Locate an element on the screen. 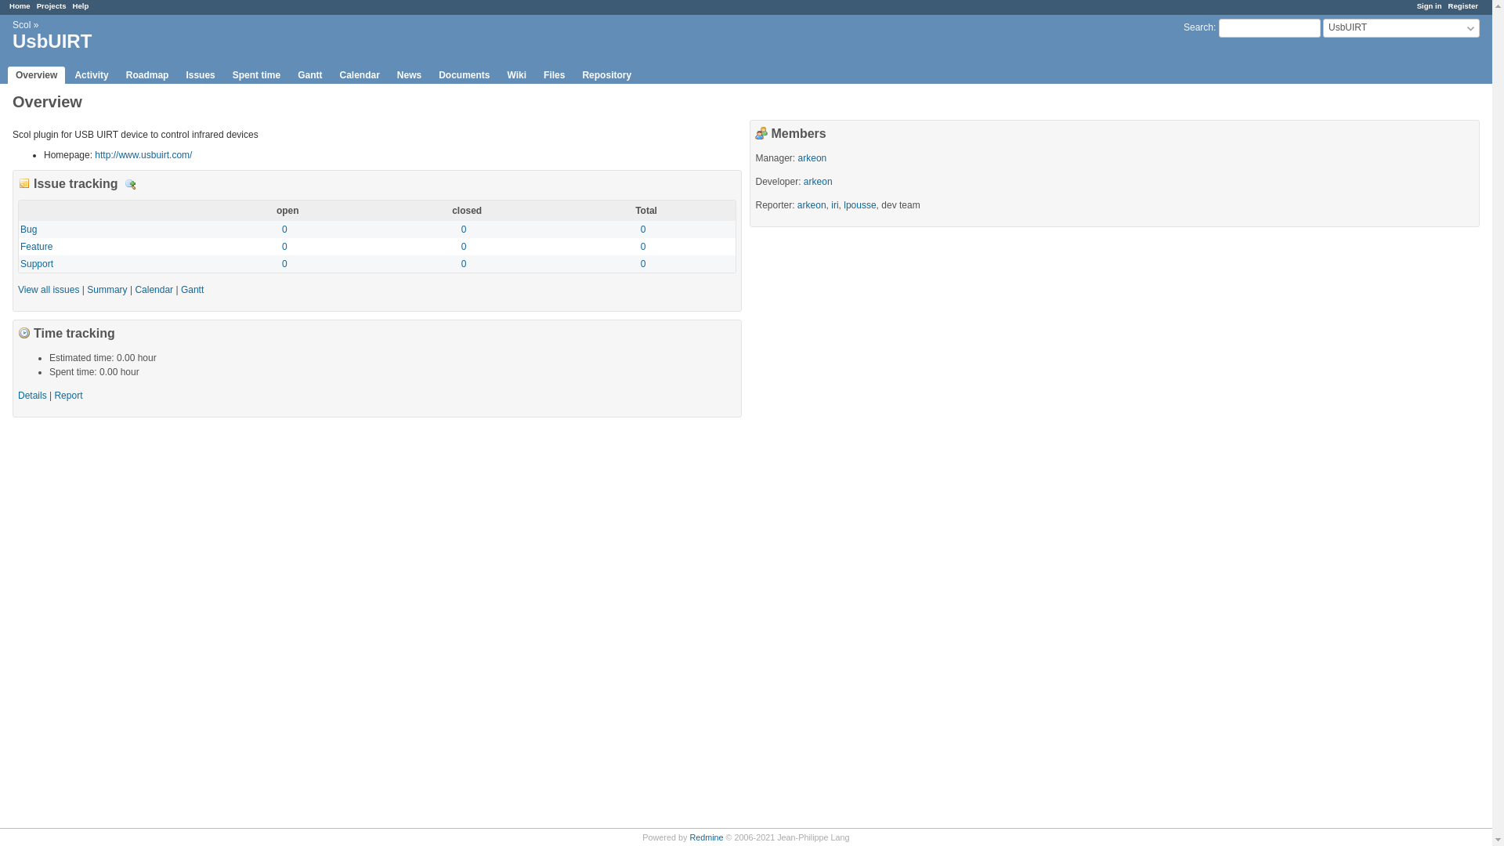  'Repository' is located at coordinates (606, 75).